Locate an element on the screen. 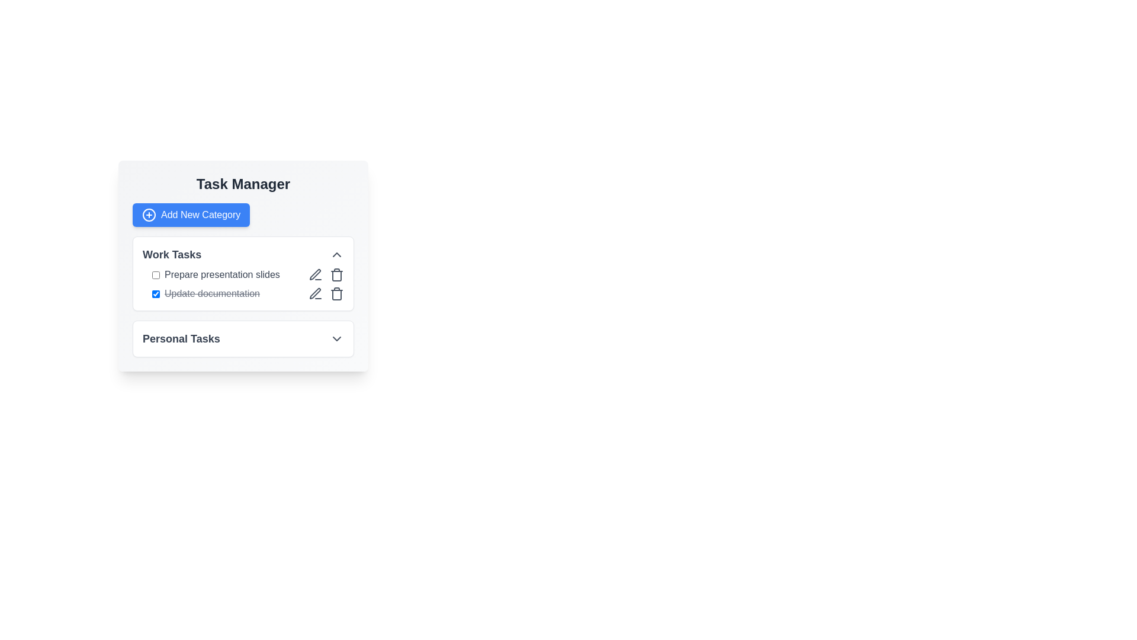 The image size is (1137, 640). the pen icon button in the 'Work Tasks' section, which is the second icon in a row of three icons is located at coordinates (315, 274).